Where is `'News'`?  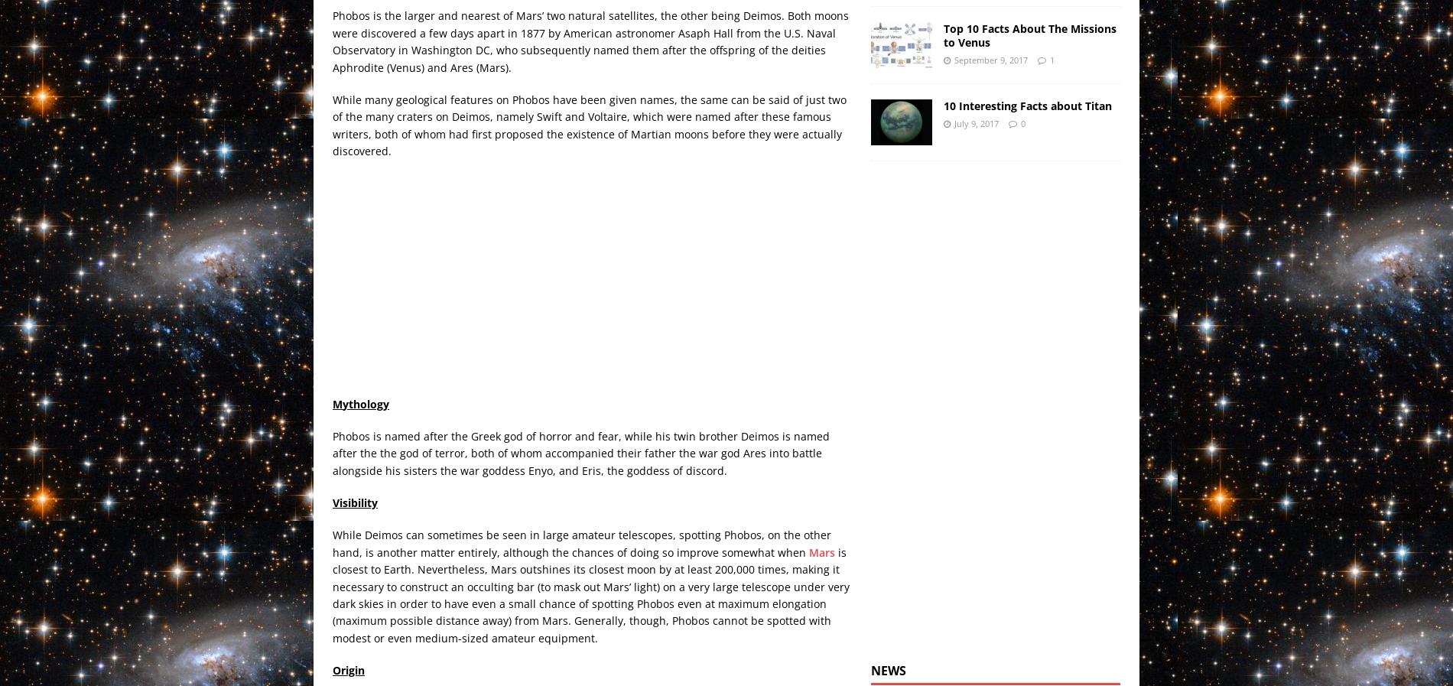
'News' is located at coordinates (888, 670).